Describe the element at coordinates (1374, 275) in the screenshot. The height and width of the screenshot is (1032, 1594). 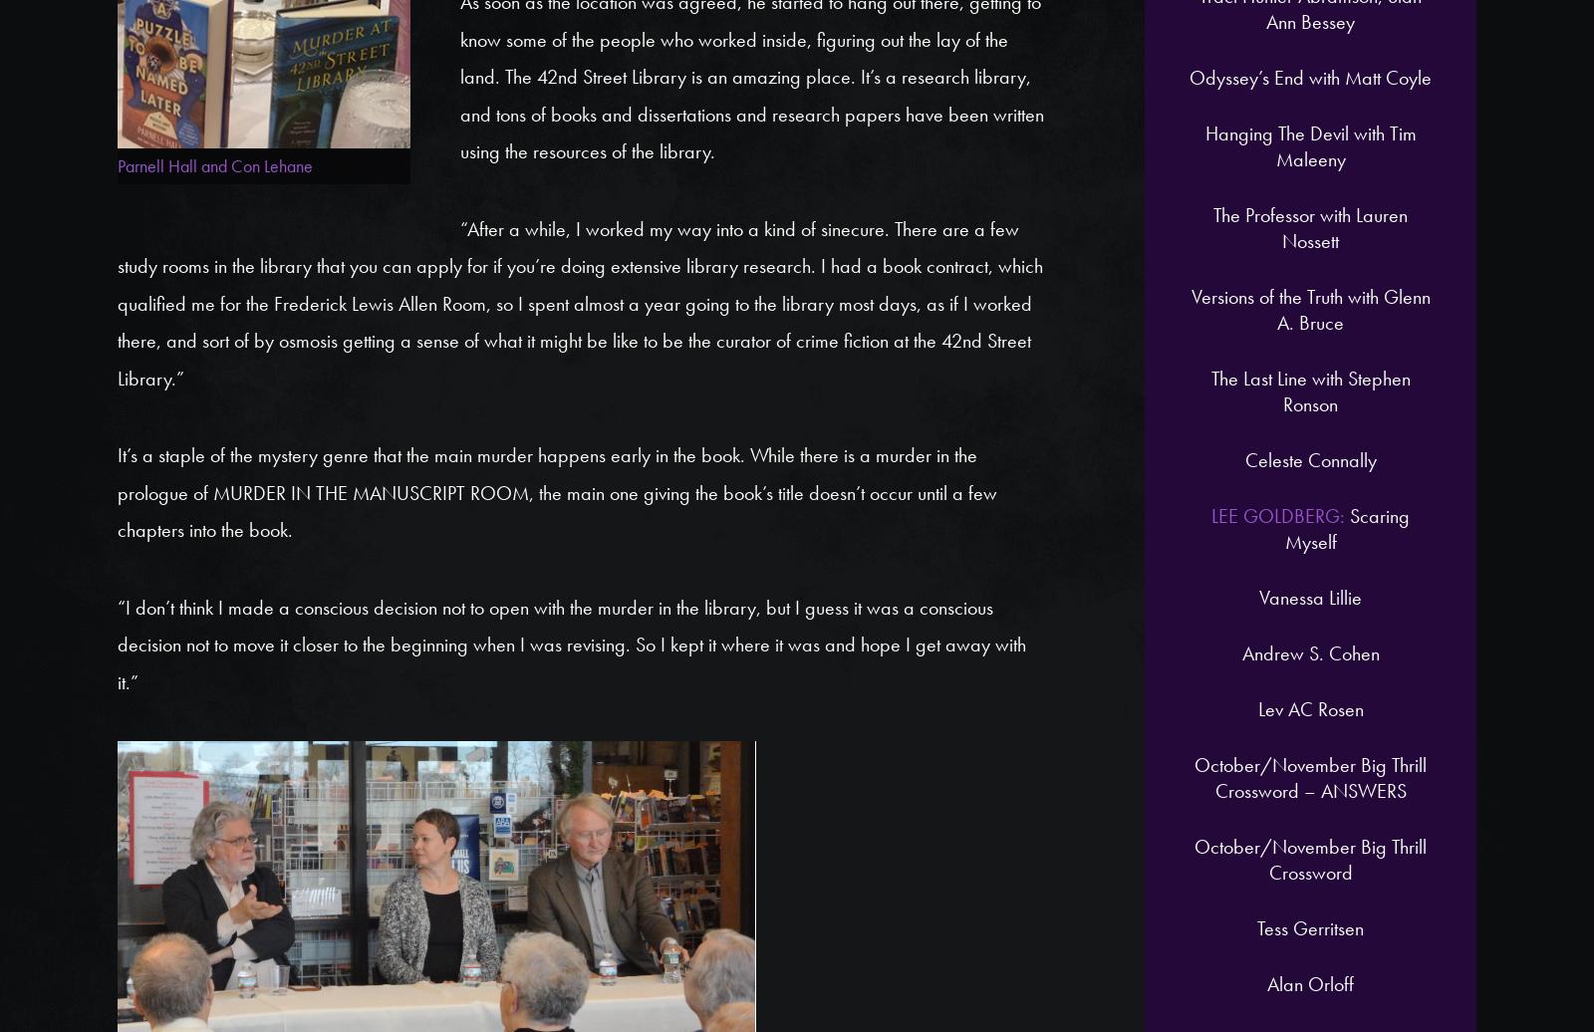
I see `'Contact Us'` at that location.